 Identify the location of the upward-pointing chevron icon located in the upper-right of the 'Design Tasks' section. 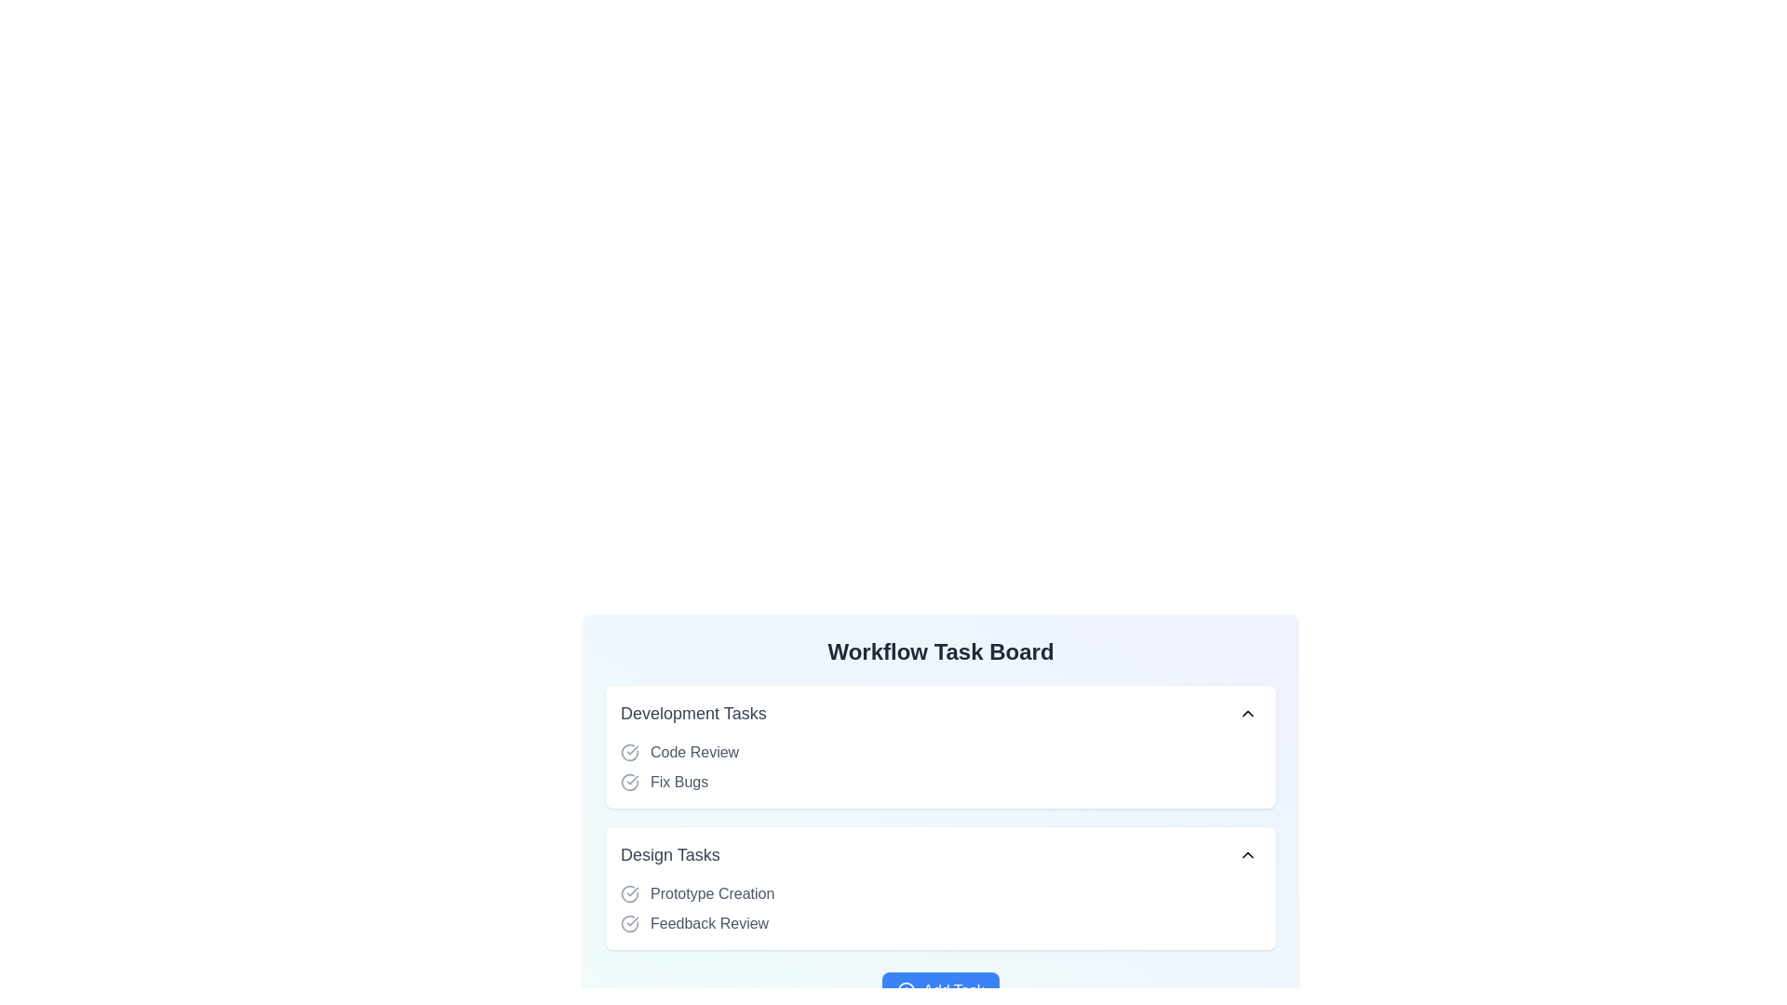
(1247, 854).